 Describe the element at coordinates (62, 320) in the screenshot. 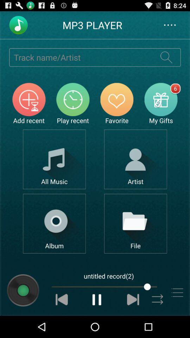

I see `the skip_previous icon` at that location.